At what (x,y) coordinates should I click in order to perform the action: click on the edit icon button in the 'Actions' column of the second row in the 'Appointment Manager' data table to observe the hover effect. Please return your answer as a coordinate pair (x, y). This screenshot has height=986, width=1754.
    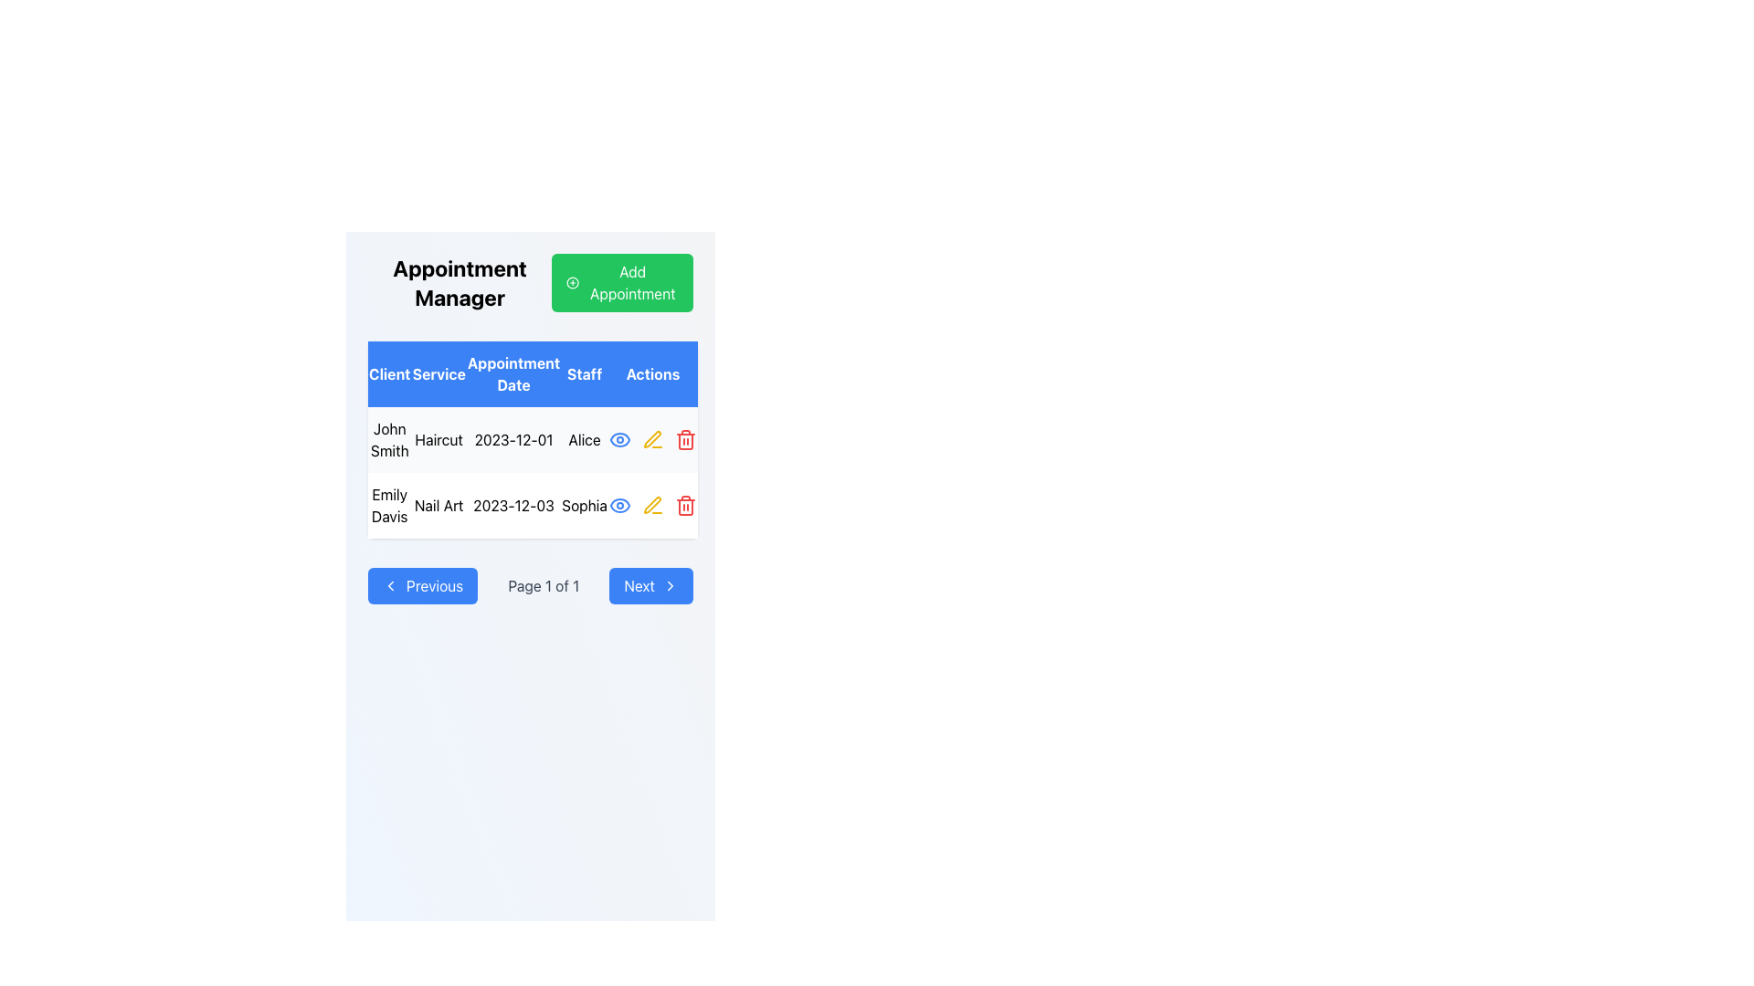
    Looking at the image, I should click on (652, 506).